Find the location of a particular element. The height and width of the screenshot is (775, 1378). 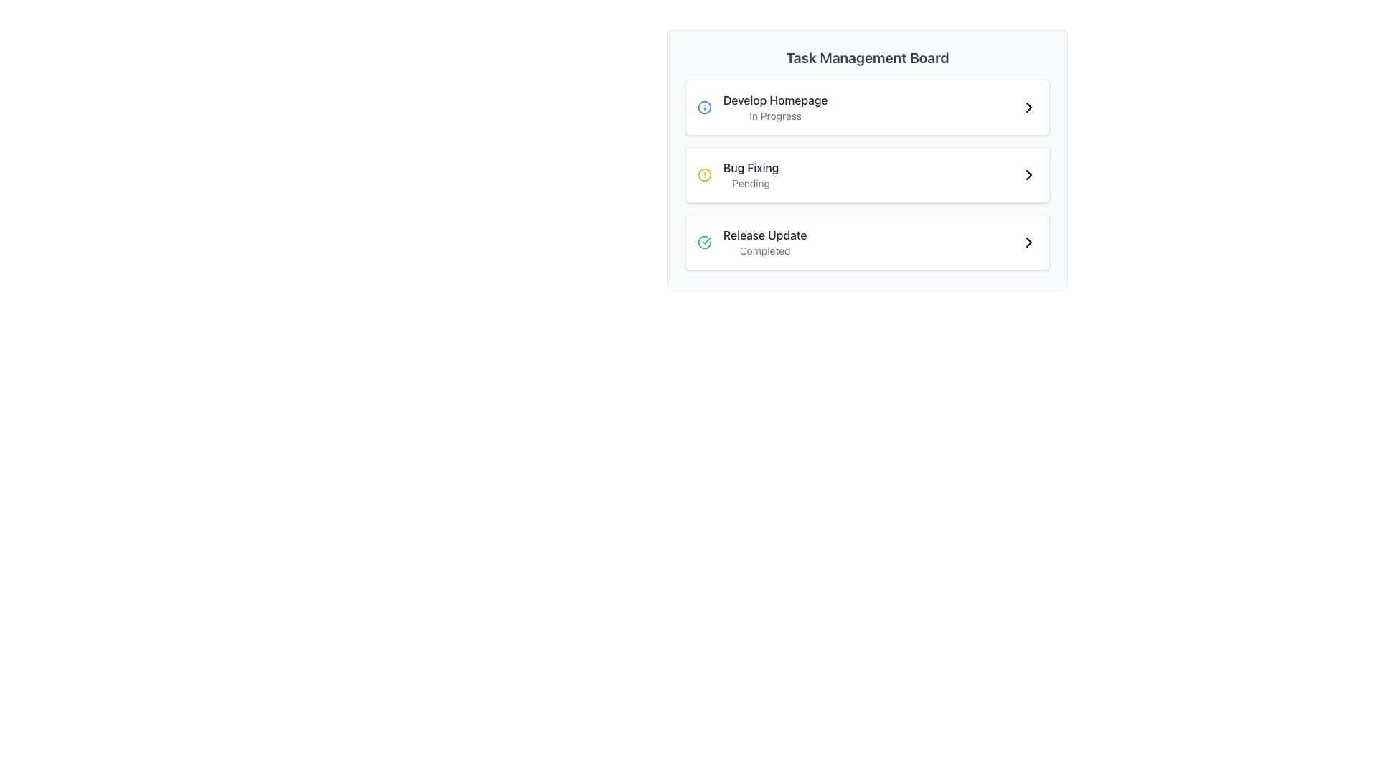

text information from the 'Release Update' element, which includes a green check icon, the title 'Release Update' in bold black, and the smaller text 'Completed' below it, located in the third row of the task cards is located at coordinates (751, 242).